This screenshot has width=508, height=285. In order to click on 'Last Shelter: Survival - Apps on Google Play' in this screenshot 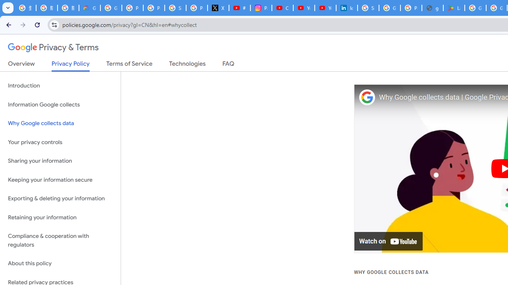, I will do `click(454, 8)`.